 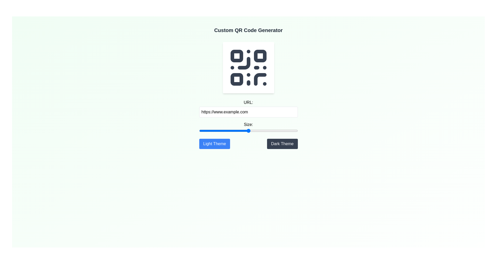 What do you see at coordinates (284, 130) in the screenshot?
I see `the slider` at bounding box center [284, 130].